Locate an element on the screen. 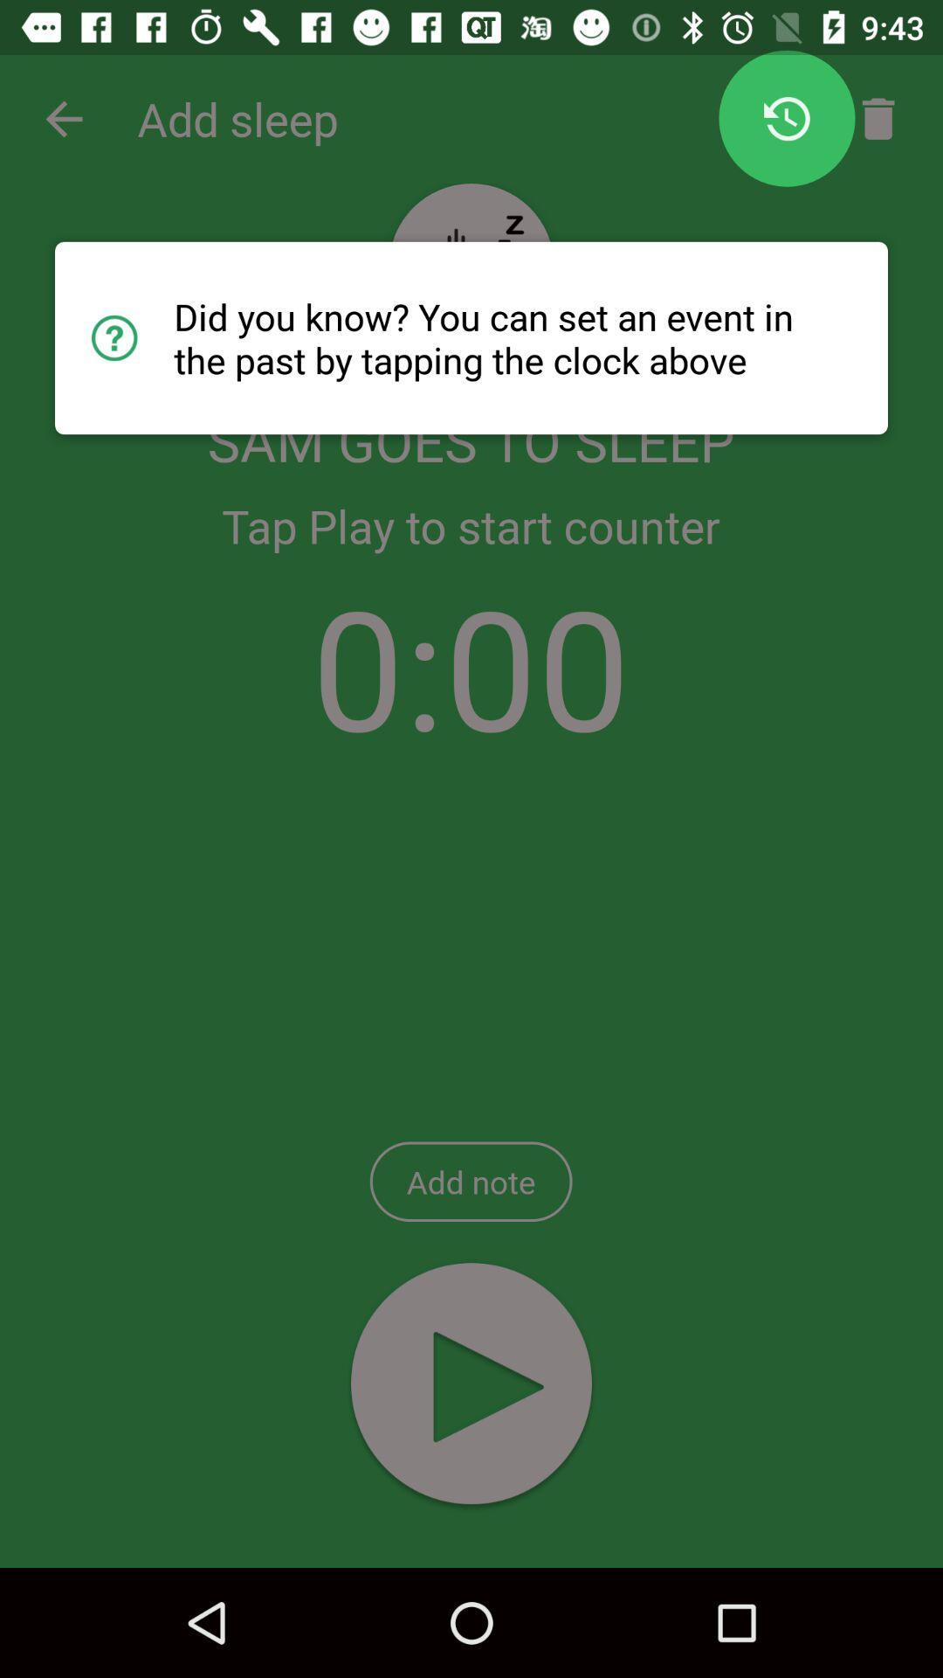 This screenshot has height=1678, width=943. item to the left of add sleep icon is located at coordinates (63, 118).